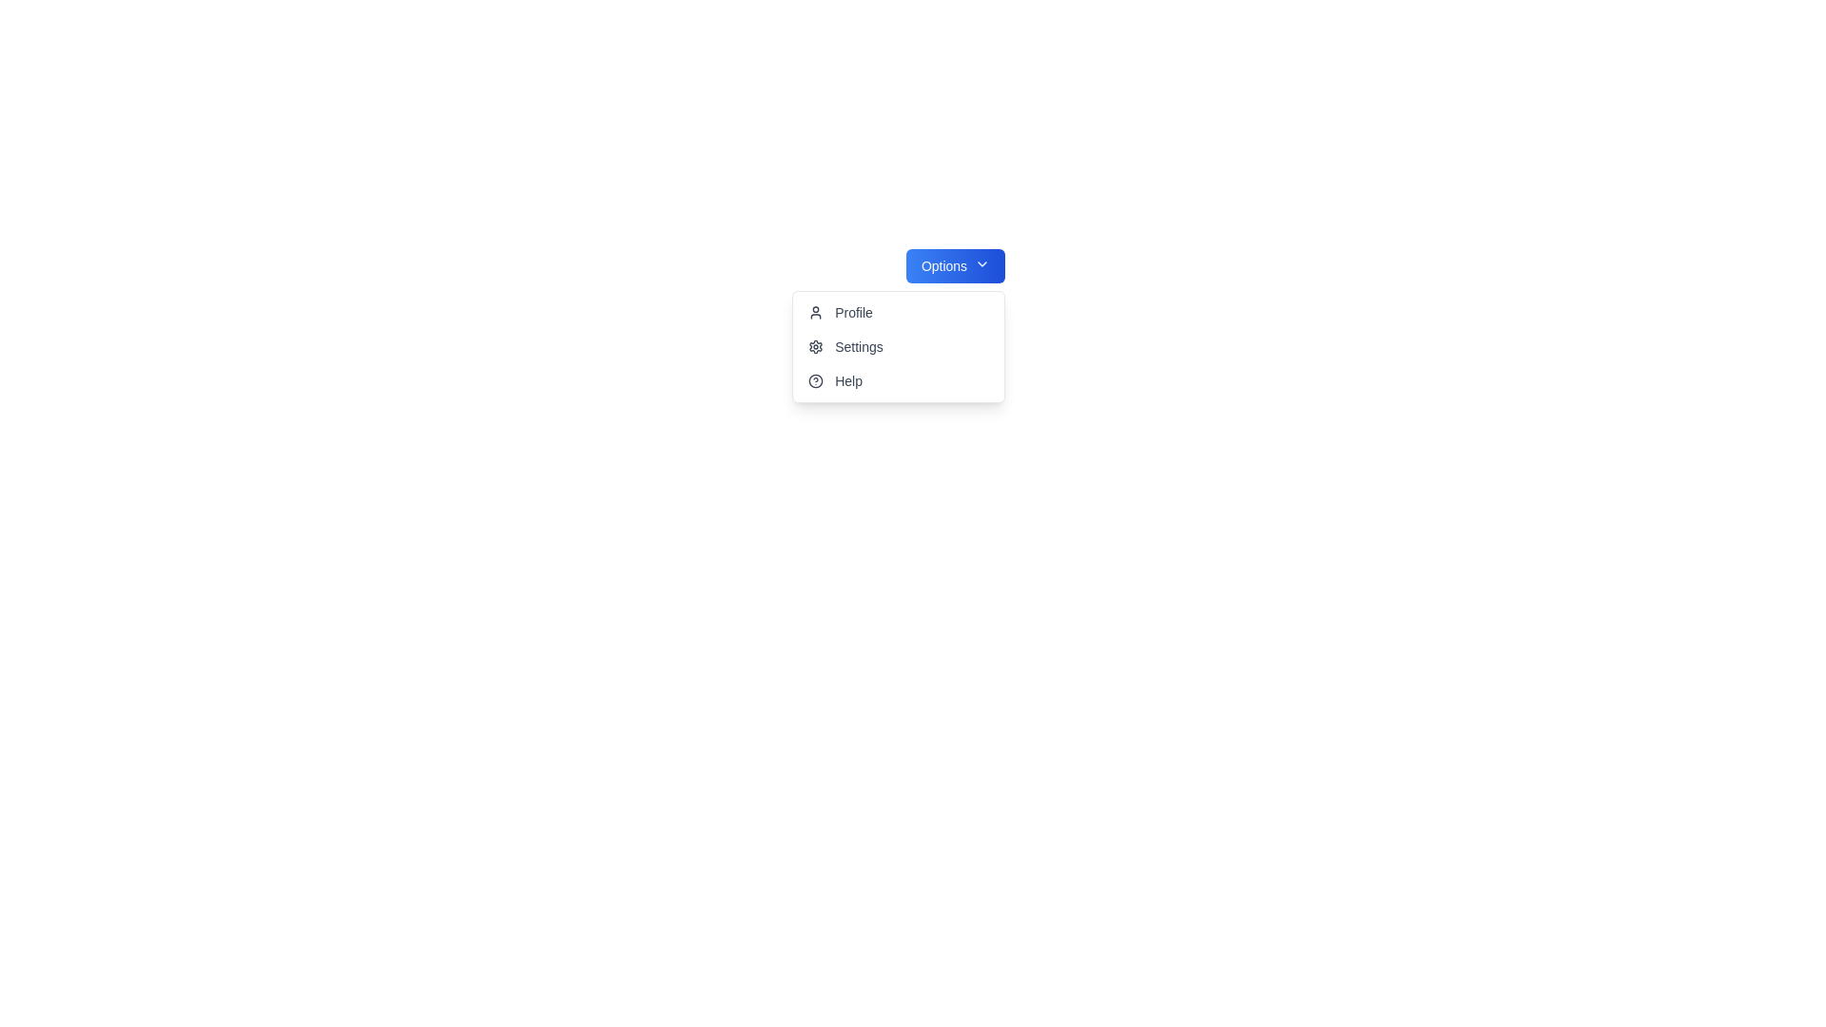  Describe the element at coordinates (898, 381) in the screenshot. I see `the 'Help' menu item in the dropdown menu` at that location.